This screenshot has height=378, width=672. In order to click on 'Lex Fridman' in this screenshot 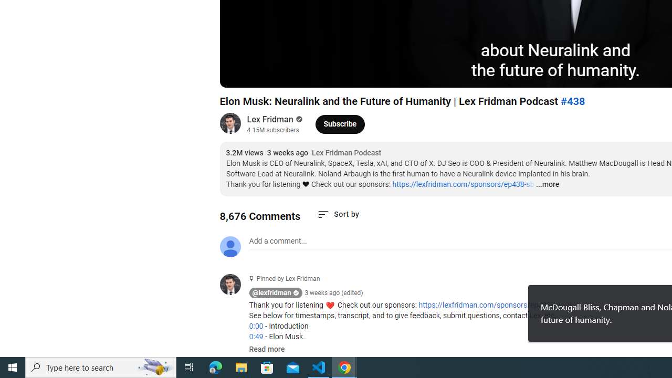, I will do `click(270, 119)`.